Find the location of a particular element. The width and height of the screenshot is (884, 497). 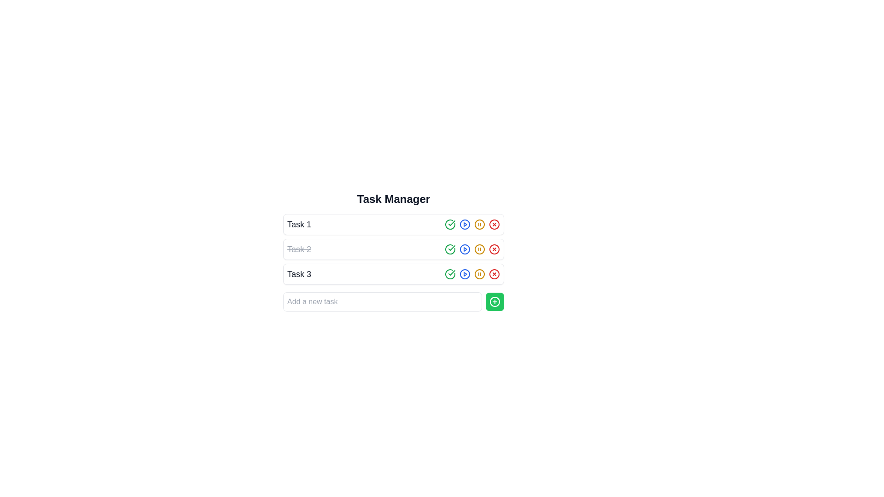

the text label displaying 'Task 3', which is styled with a larger font size and dark gray color, located in the Task Manager list is located at coordinates (299, 274).